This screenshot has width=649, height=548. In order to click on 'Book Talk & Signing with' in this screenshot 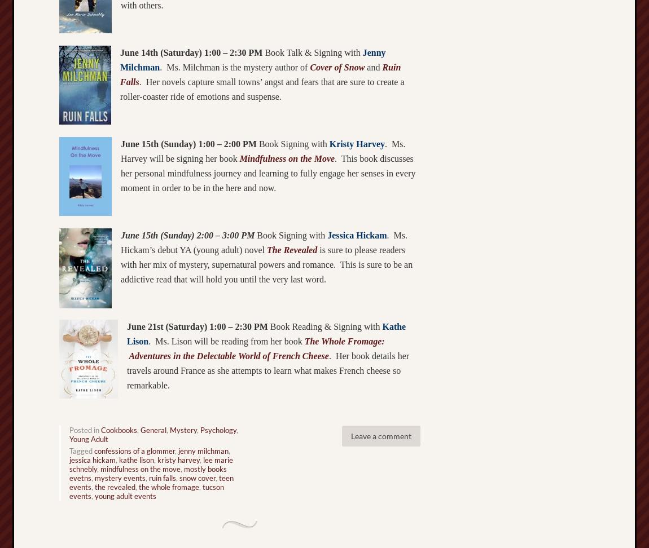, I will do `click(312, 51)`.